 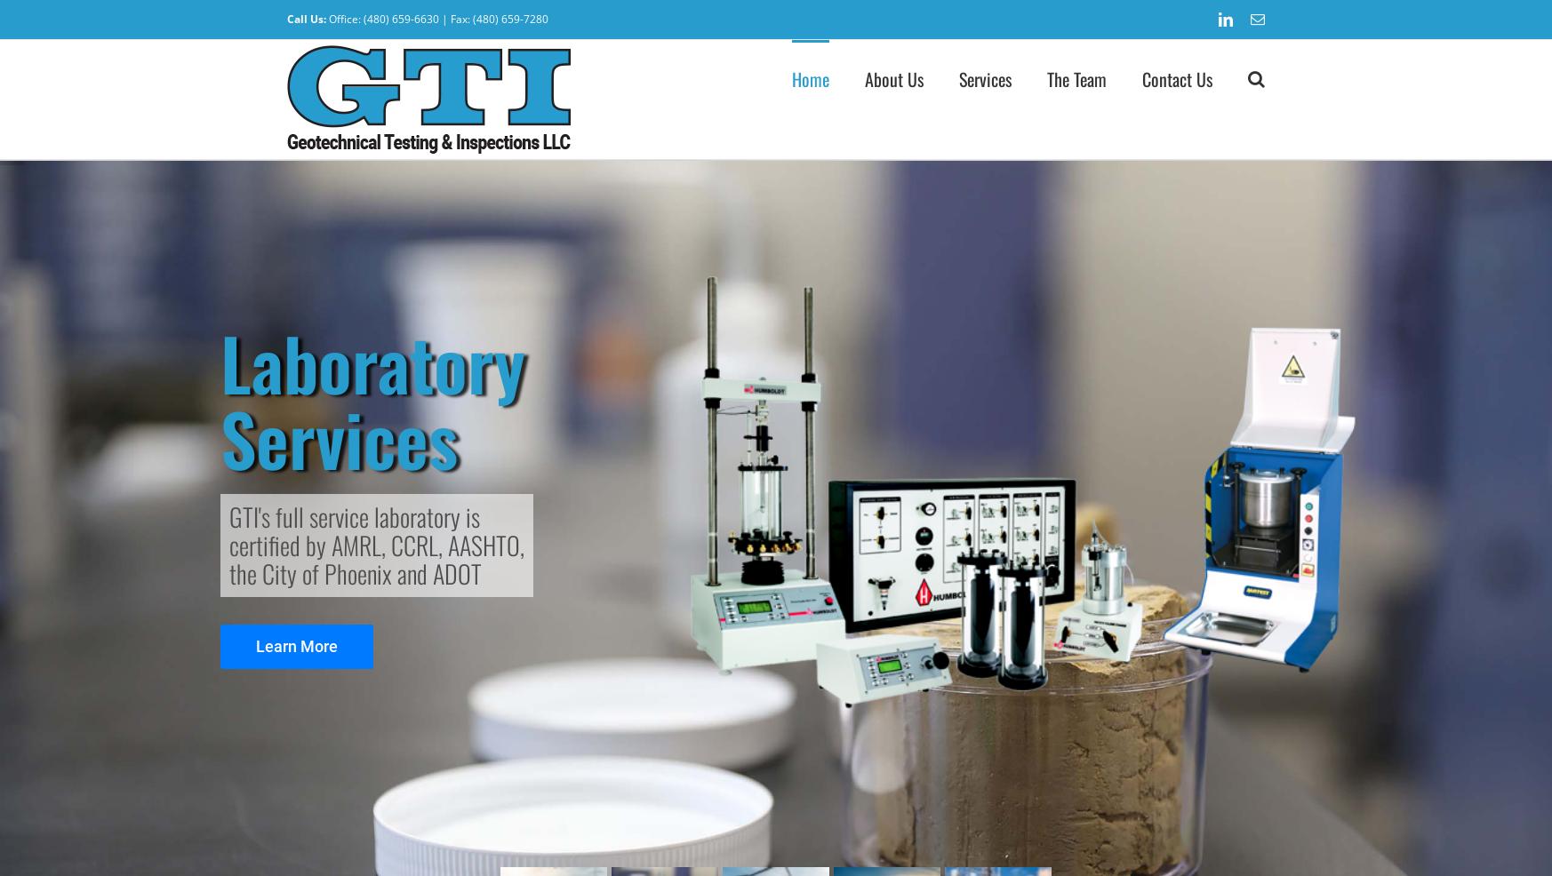 I want to click on 'Vice President', so click(x=1106, y=191).